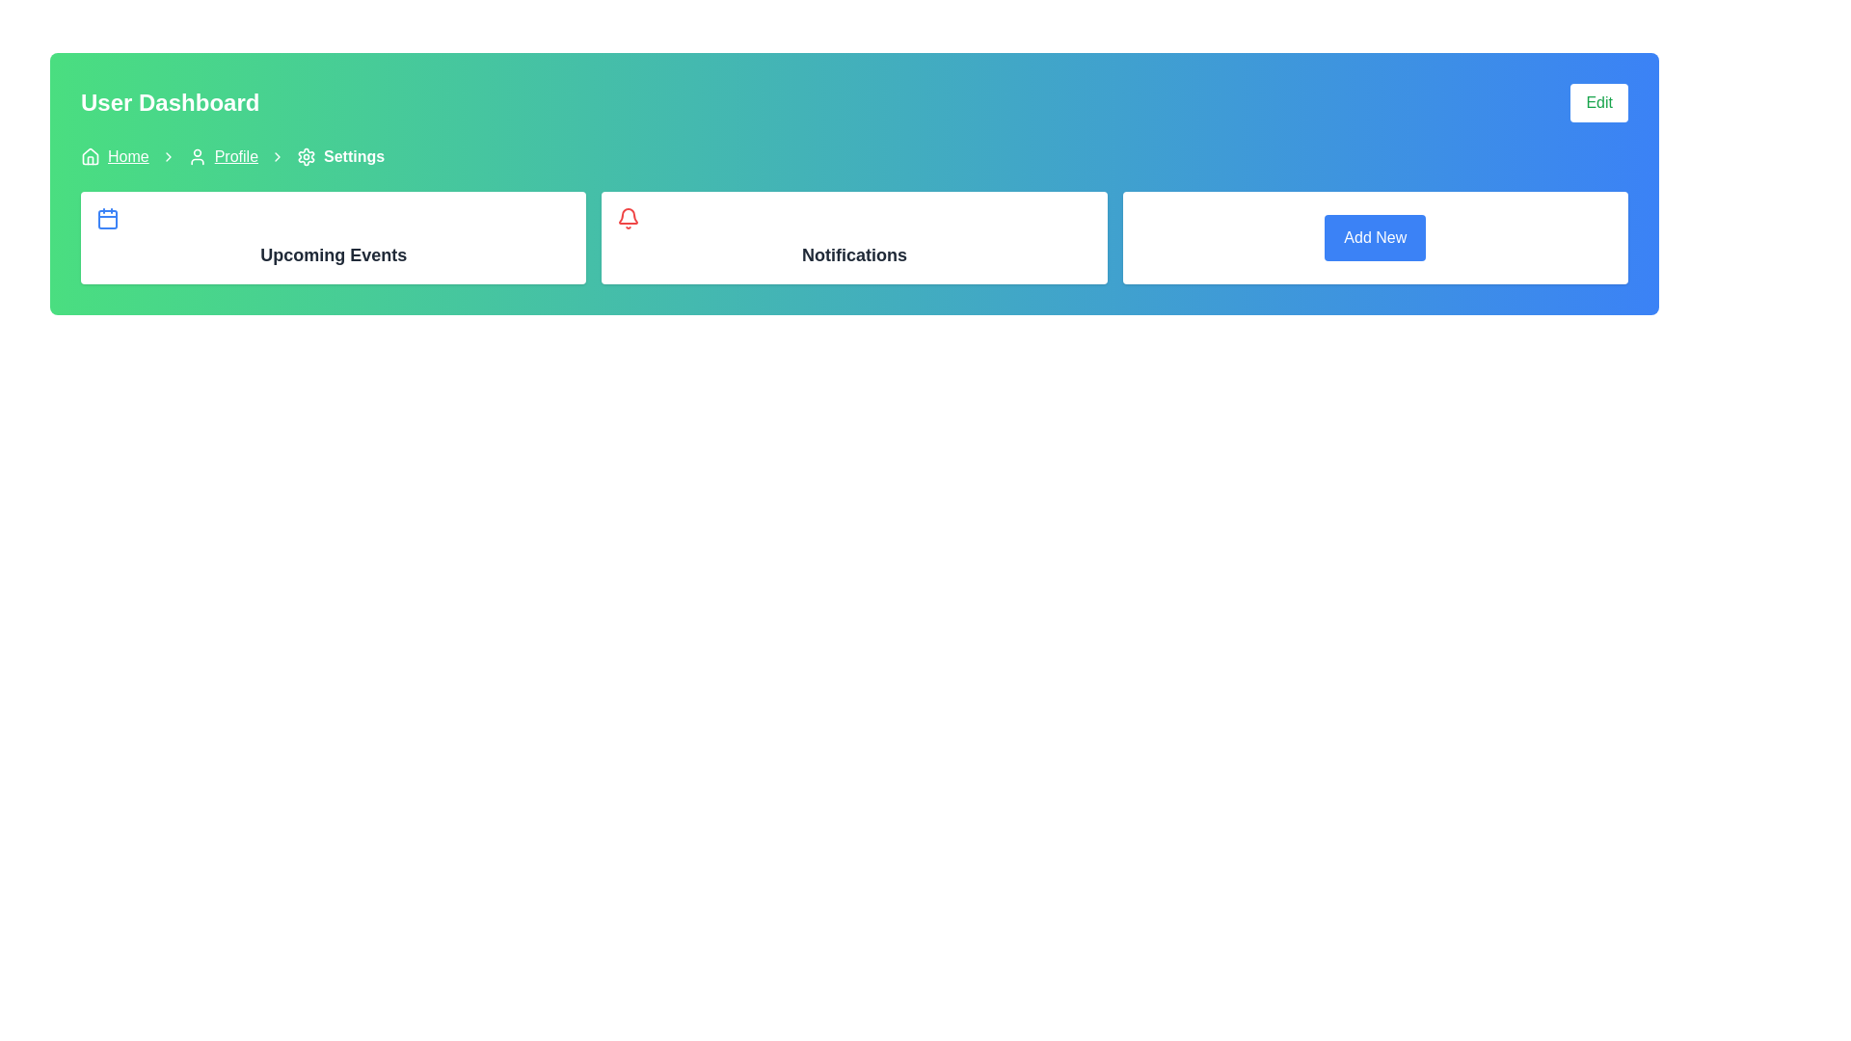  I want to click on the breadcrumb navigation icon located between 'Home' and 'Profile' in the navigation bar, so click(168, 155).